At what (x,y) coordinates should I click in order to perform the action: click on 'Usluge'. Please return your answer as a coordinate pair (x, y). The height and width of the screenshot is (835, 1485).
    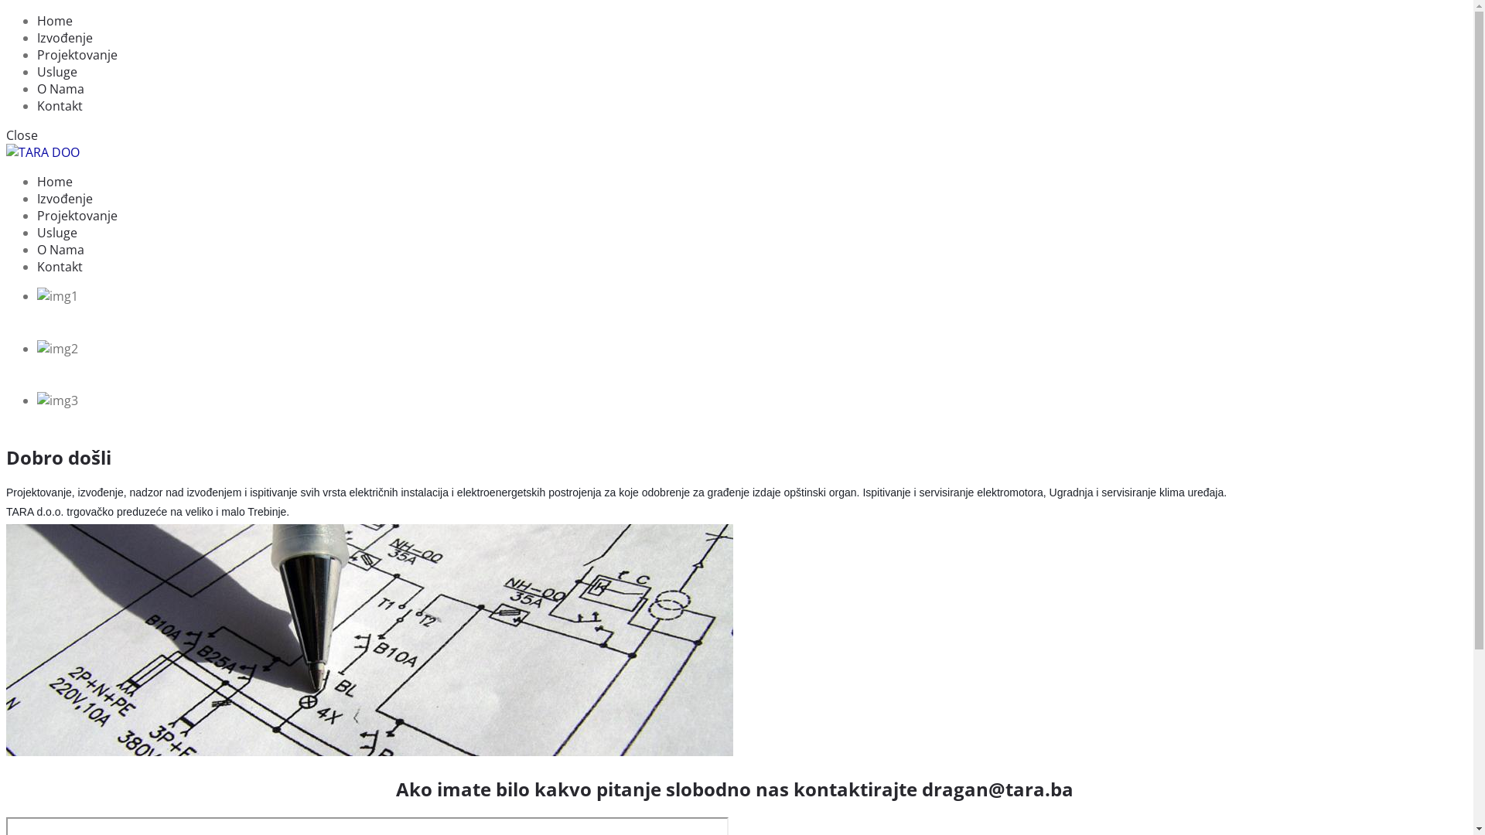
    Looking at the image, I should click on (56, 71).